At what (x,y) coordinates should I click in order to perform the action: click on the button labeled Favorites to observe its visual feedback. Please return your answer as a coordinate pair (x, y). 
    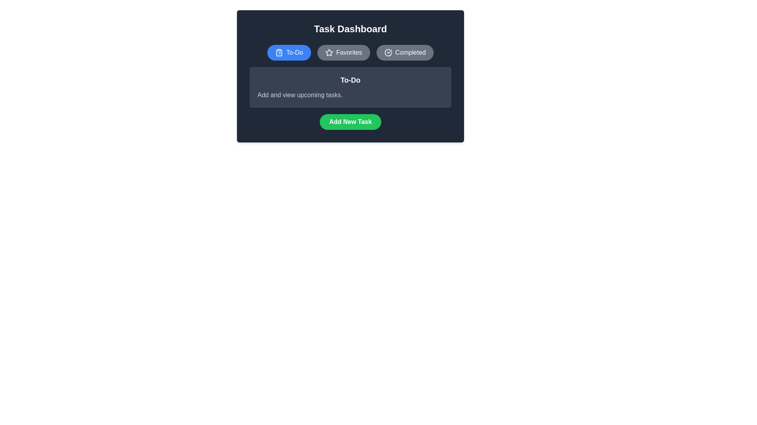
    Looking at the image, I should click on (343, 53).